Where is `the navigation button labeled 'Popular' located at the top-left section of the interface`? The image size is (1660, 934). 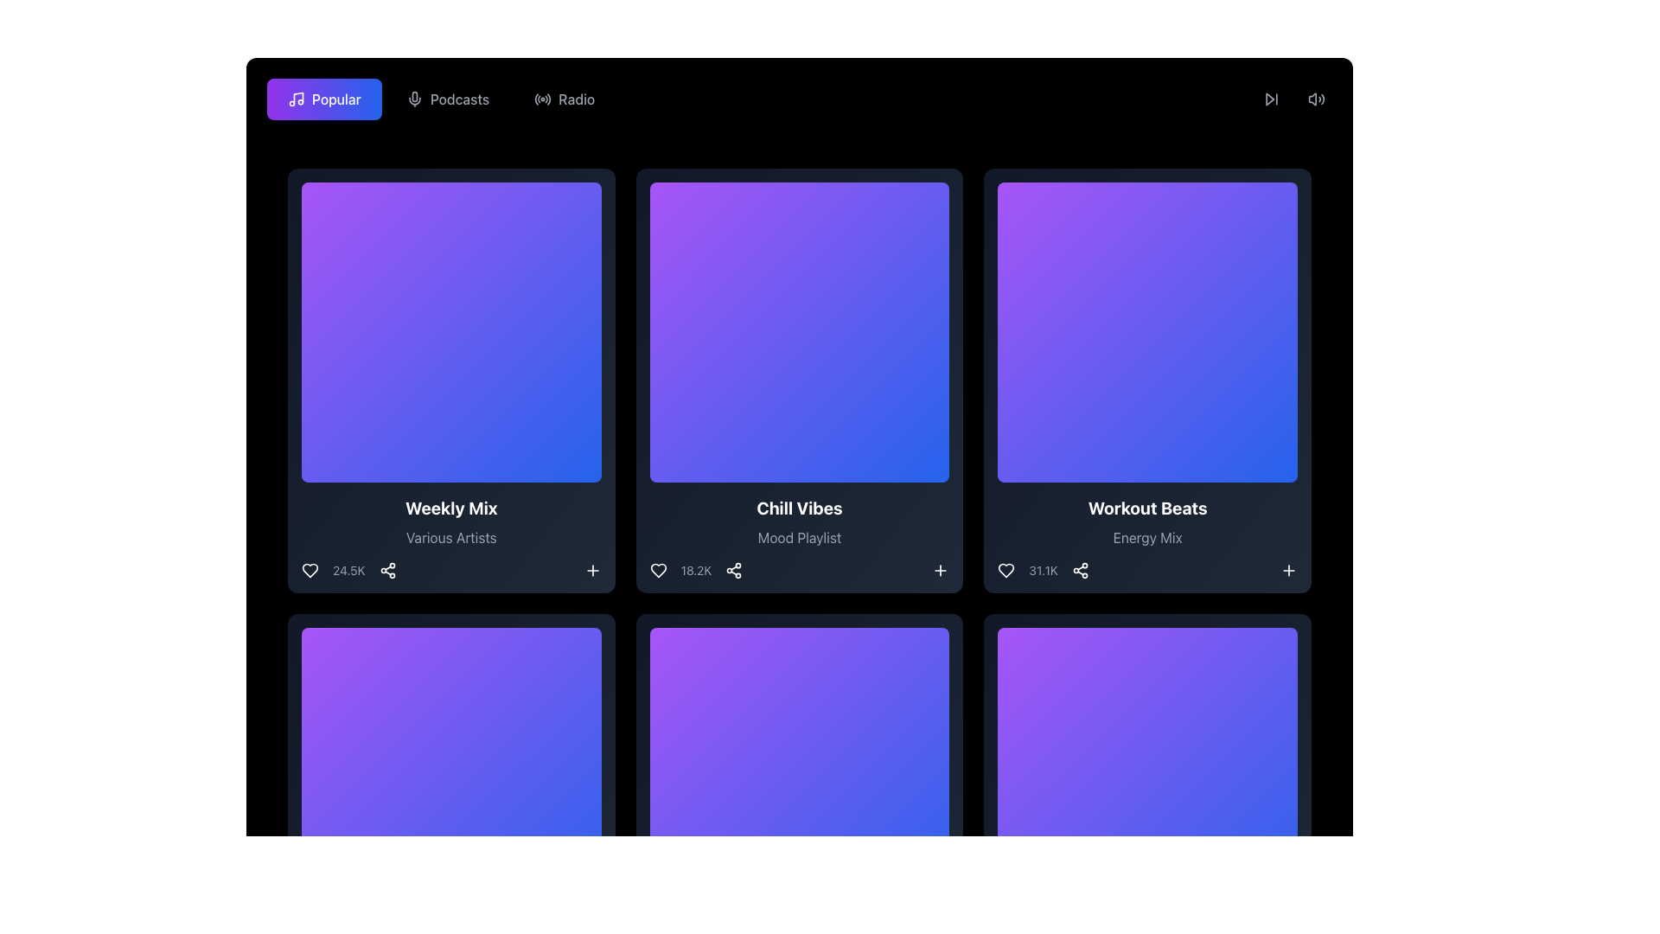 the navigation button labeled 'Popular' located at the top-left section of the interface is located at coordinates (324, 99).